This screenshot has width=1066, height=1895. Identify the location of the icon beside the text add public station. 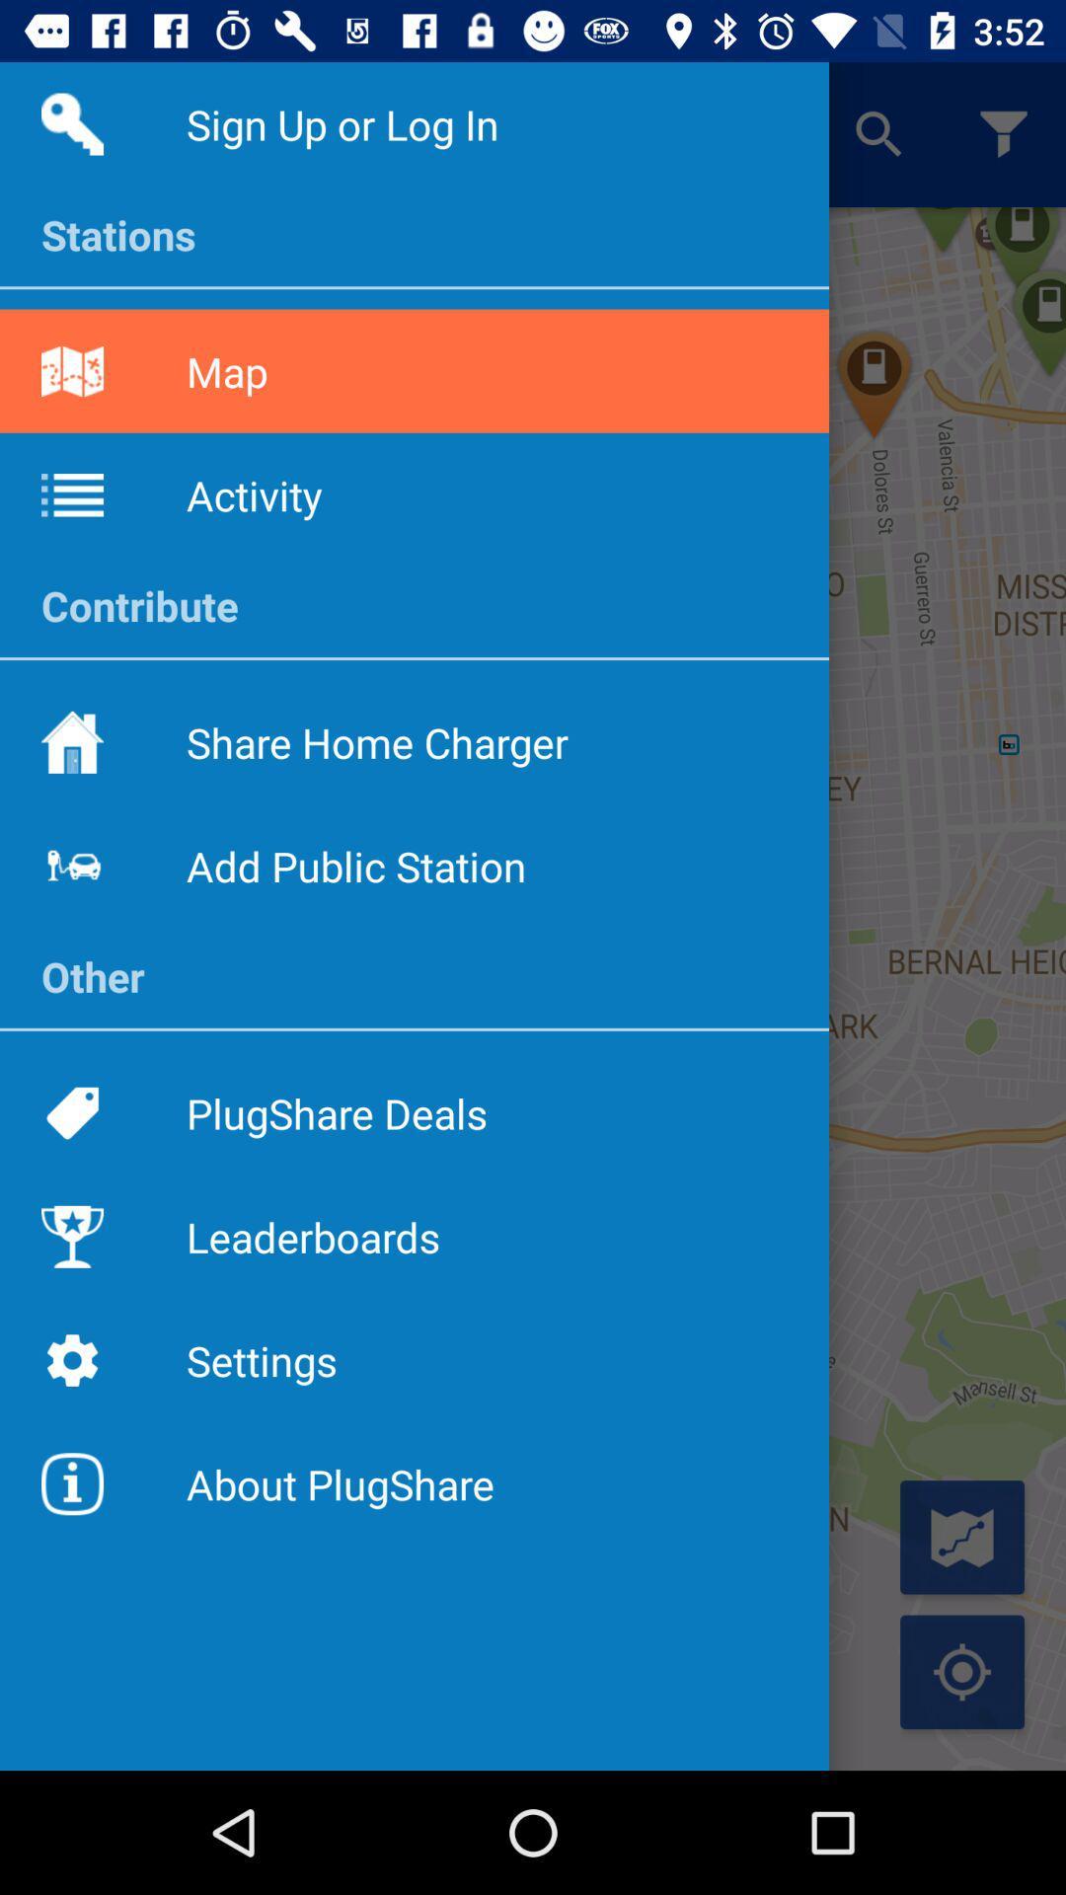
(71, 866).